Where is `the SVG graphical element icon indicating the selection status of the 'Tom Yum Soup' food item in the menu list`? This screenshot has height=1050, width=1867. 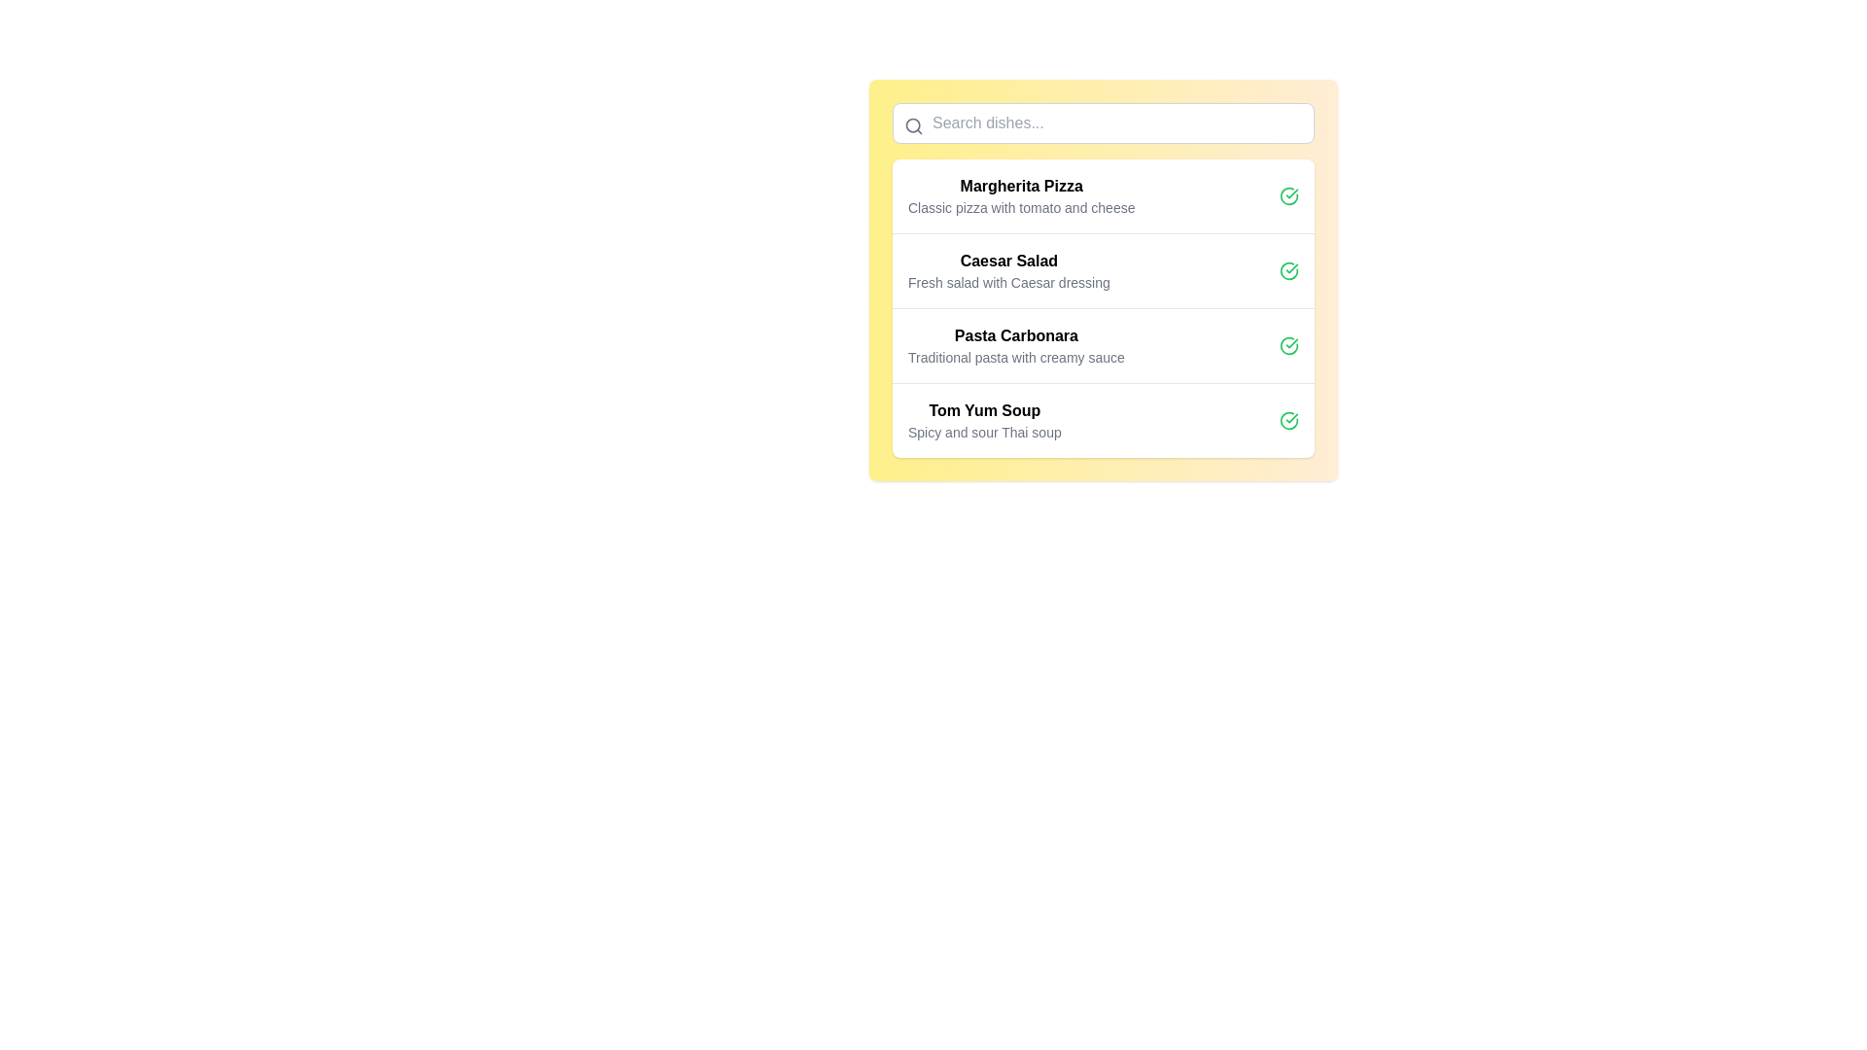
the SVG graphical element icon indicating the selection status of the 'Tom Yum Soup' food item in the menu list is located at coordinates (1288, 419).